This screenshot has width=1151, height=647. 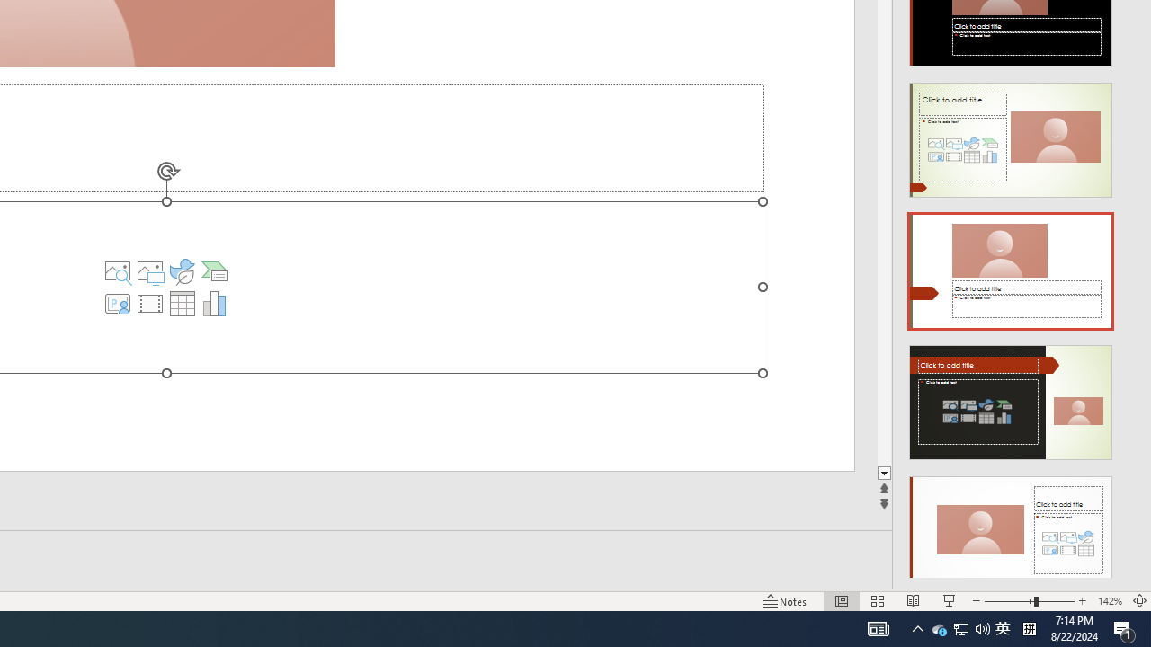 What do you see at coordinates (1008, 601) in the screenshot?
I see `'Zoom Out'` at bounding box center [1008, 601].